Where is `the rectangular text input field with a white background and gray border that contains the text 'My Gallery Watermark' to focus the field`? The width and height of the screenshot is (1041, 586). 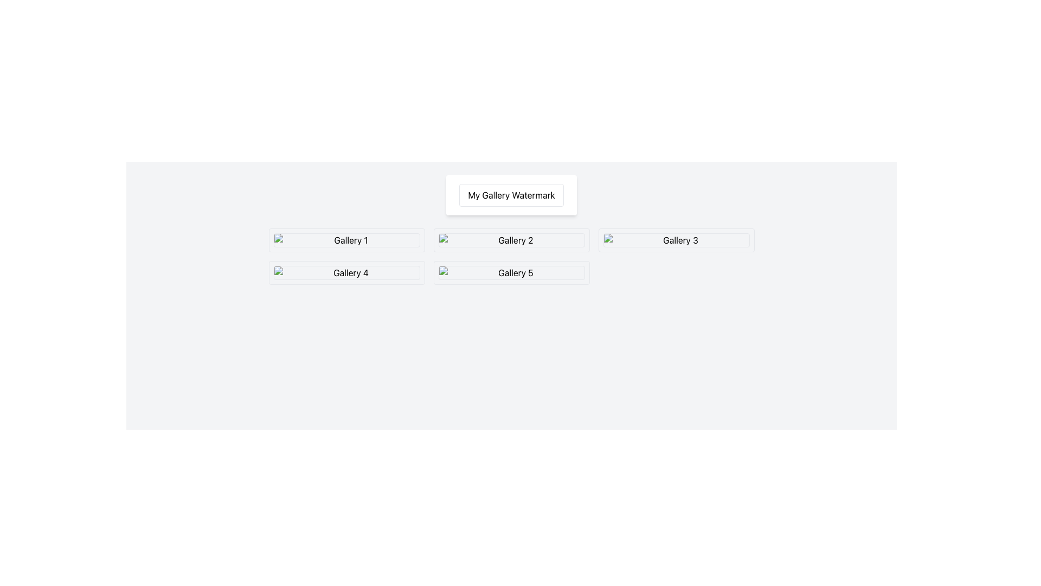 the rectangular text input field with a white background and gray border that contains the text 'My Gallery Watermark' to focus the field is located at coordinates (511, 194).